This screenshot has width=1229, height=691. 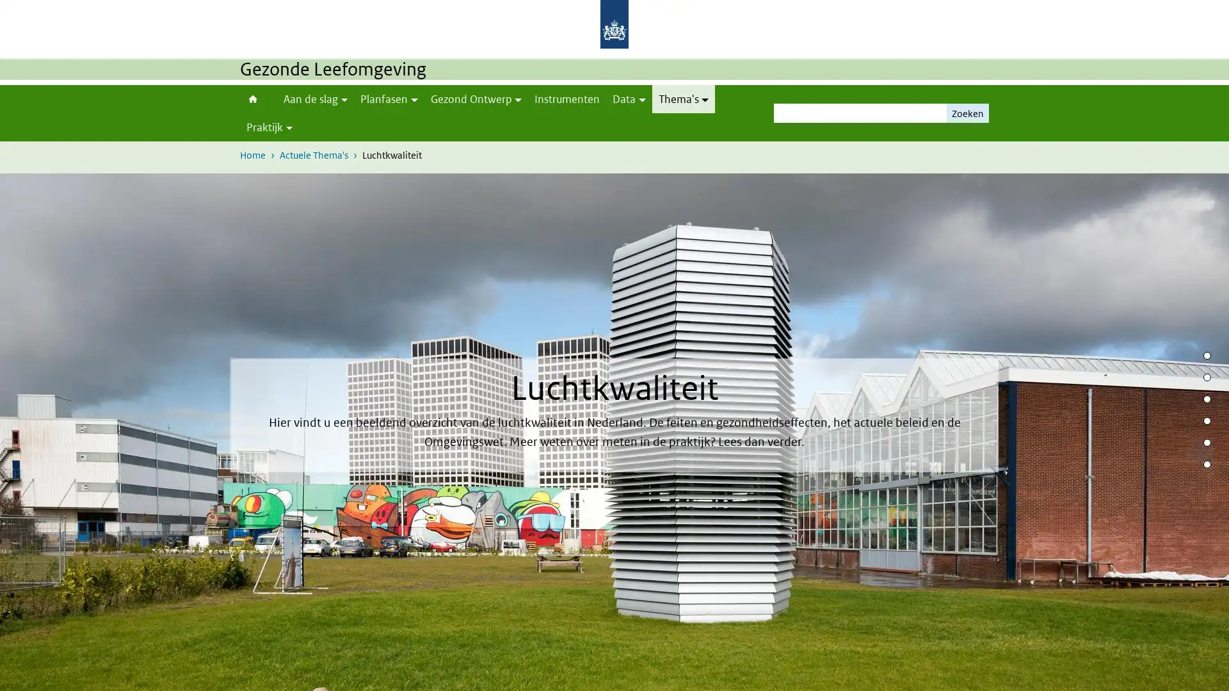 What do you see at coordinates (968, 113) in the screenshot?
I see `Zoeken` at bounding box center [968, 113].